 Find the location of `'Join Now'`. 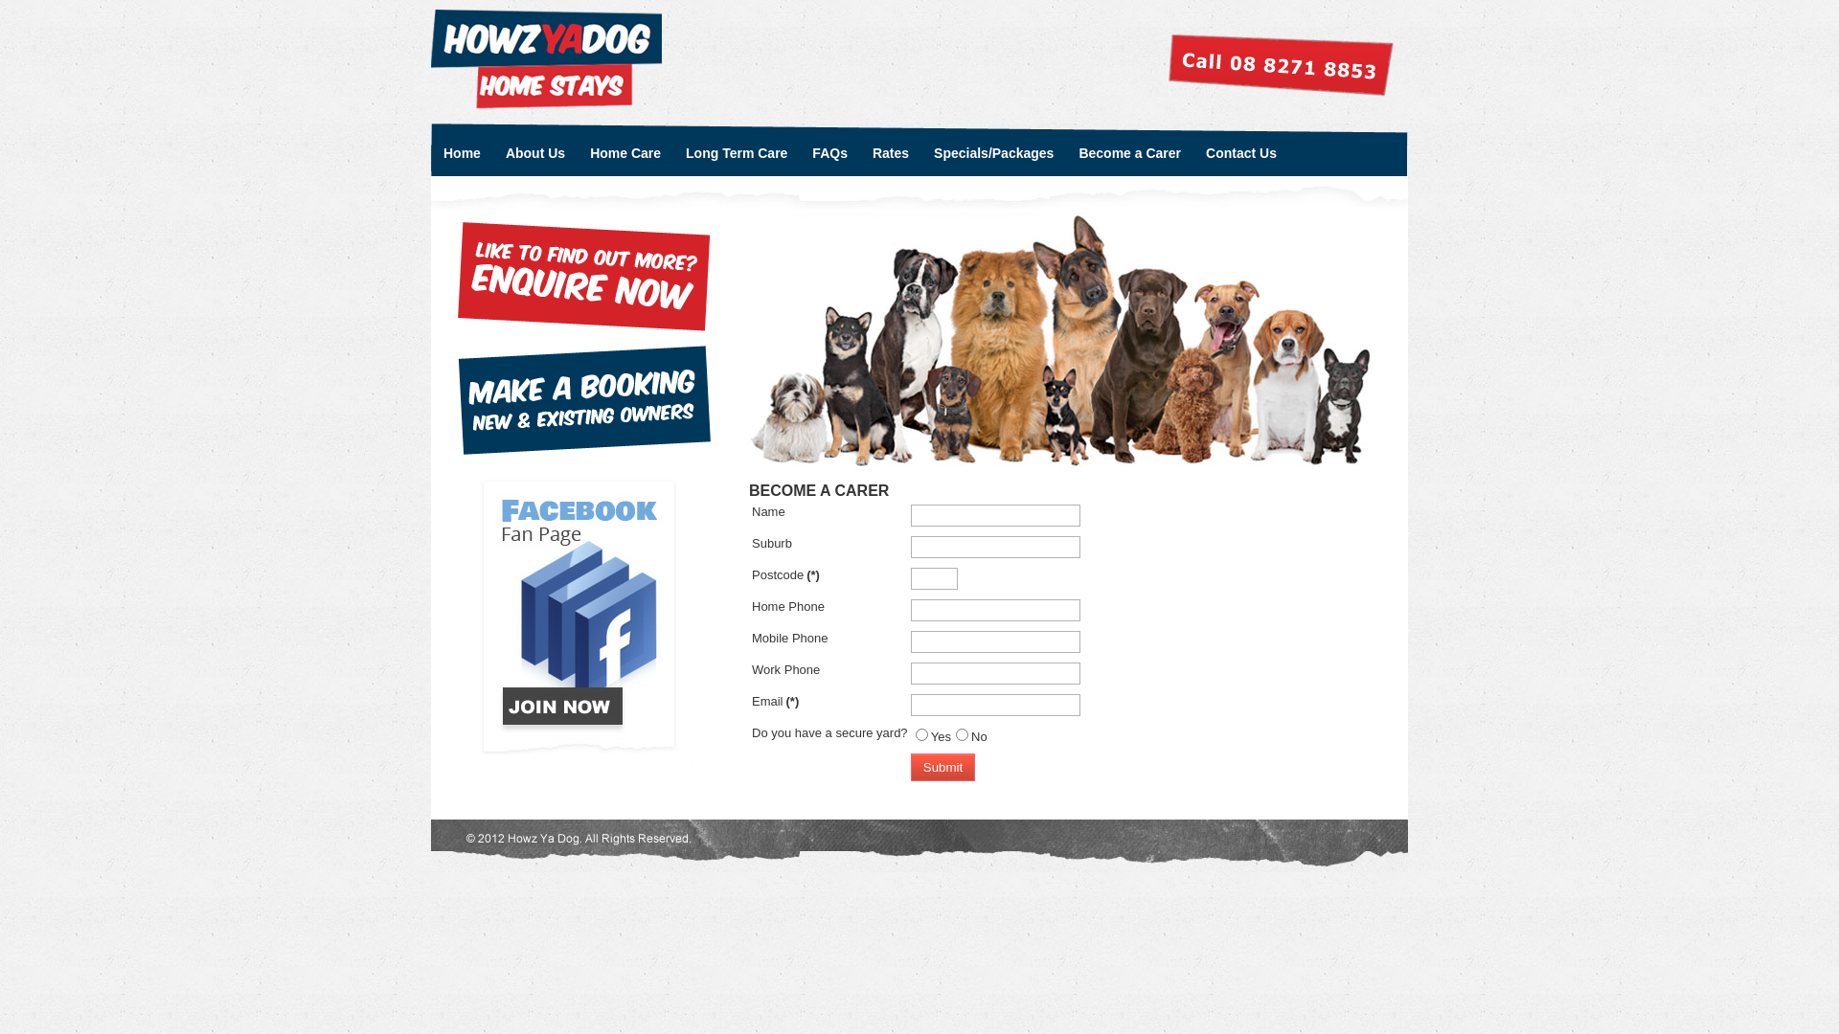

'Join Now' is located at coordinates (582, 618).